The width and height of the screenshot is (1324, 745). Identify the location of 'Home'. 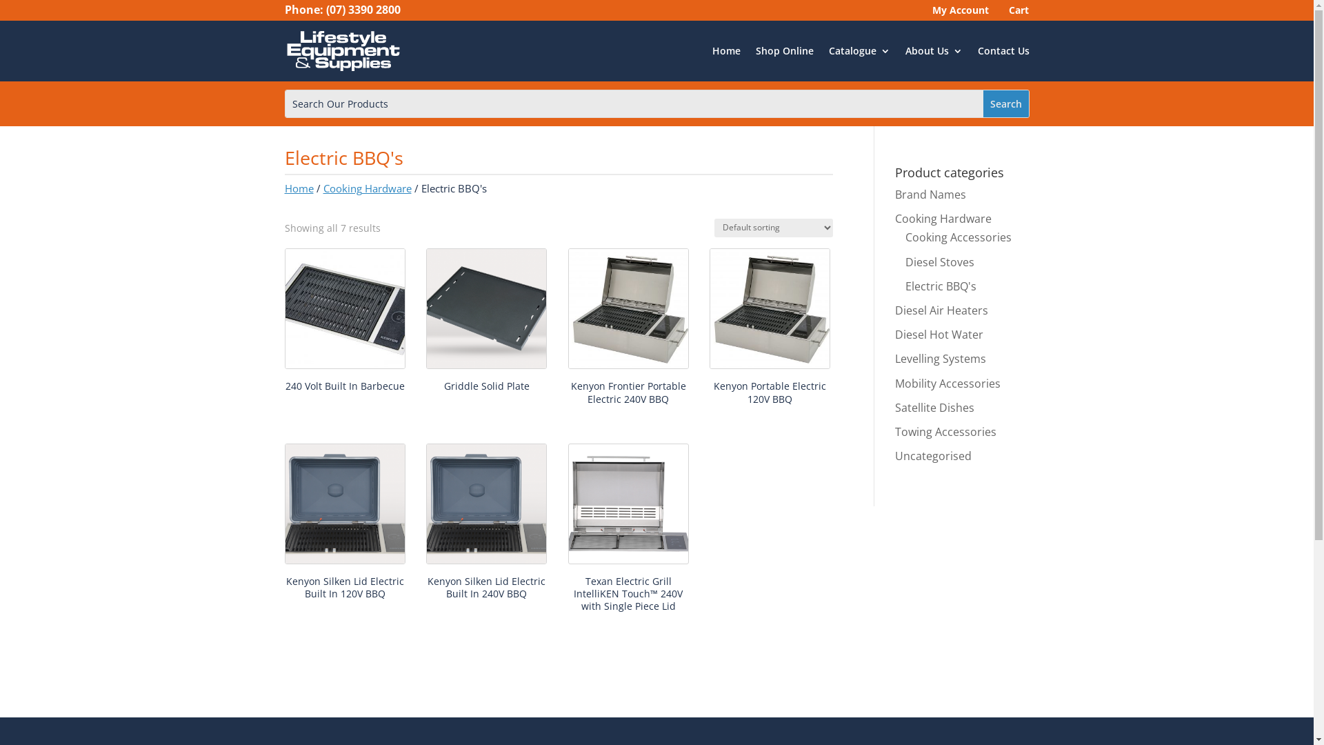
(297, 188).